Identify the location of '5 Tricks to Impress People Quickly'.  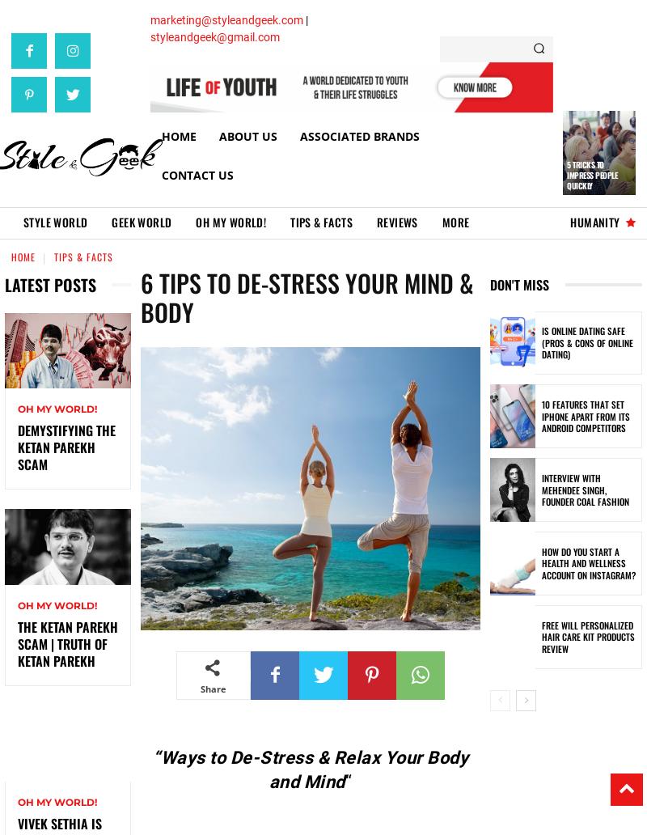
(566, 173).